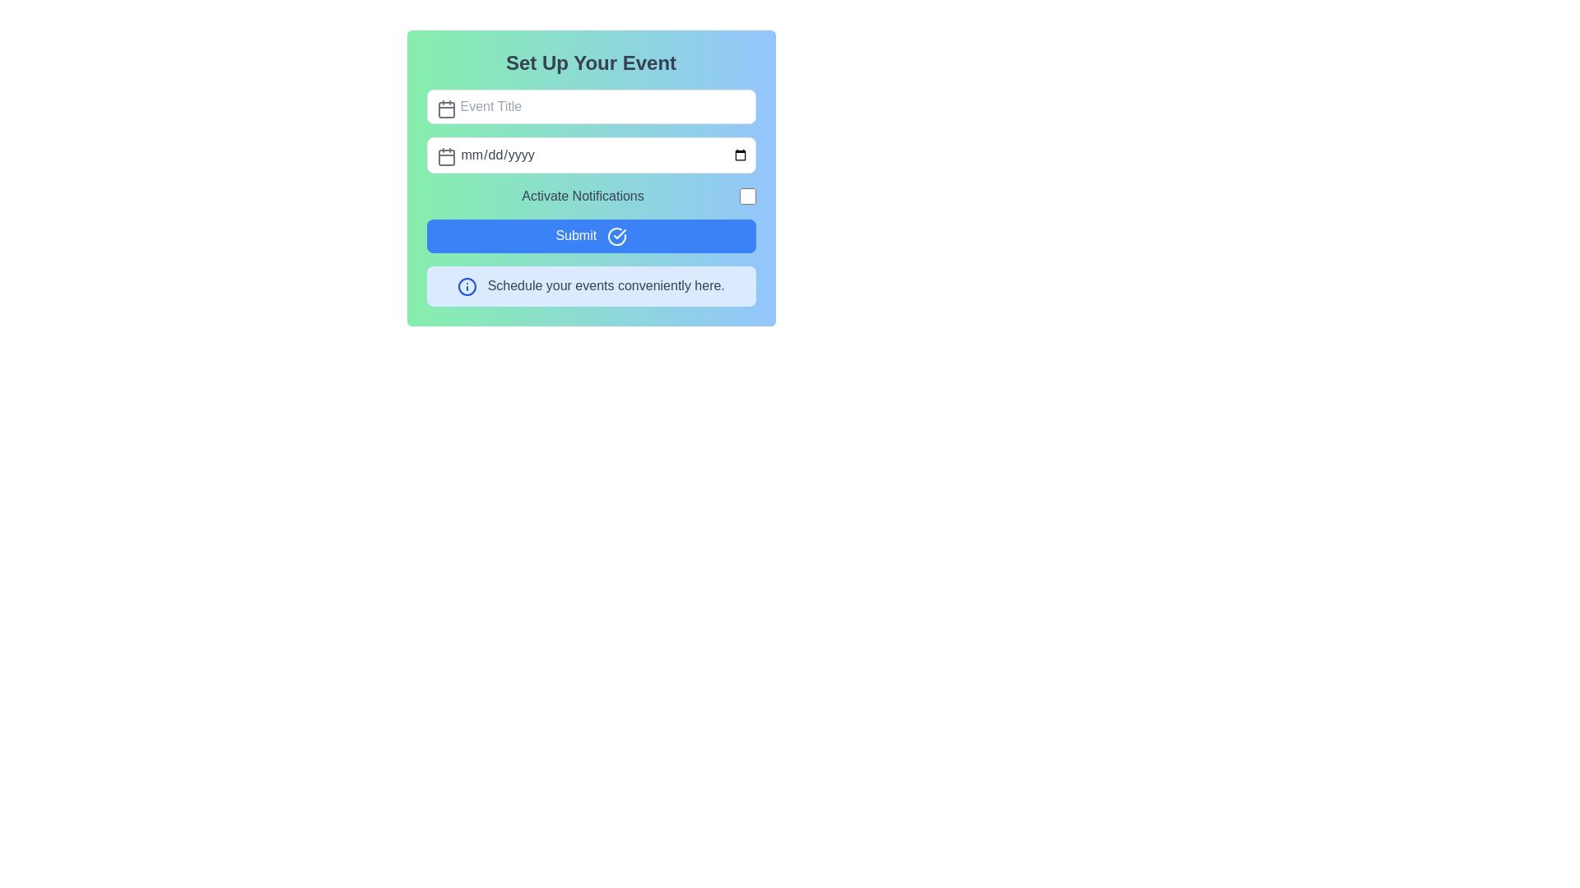  What do you see at coordinates (446, 110) in the screenshot?
I see `the decorative SVG rectangle element that visually indicates the event title input field, located near the top-left corner of the text input` at bounding box center [446, 110].